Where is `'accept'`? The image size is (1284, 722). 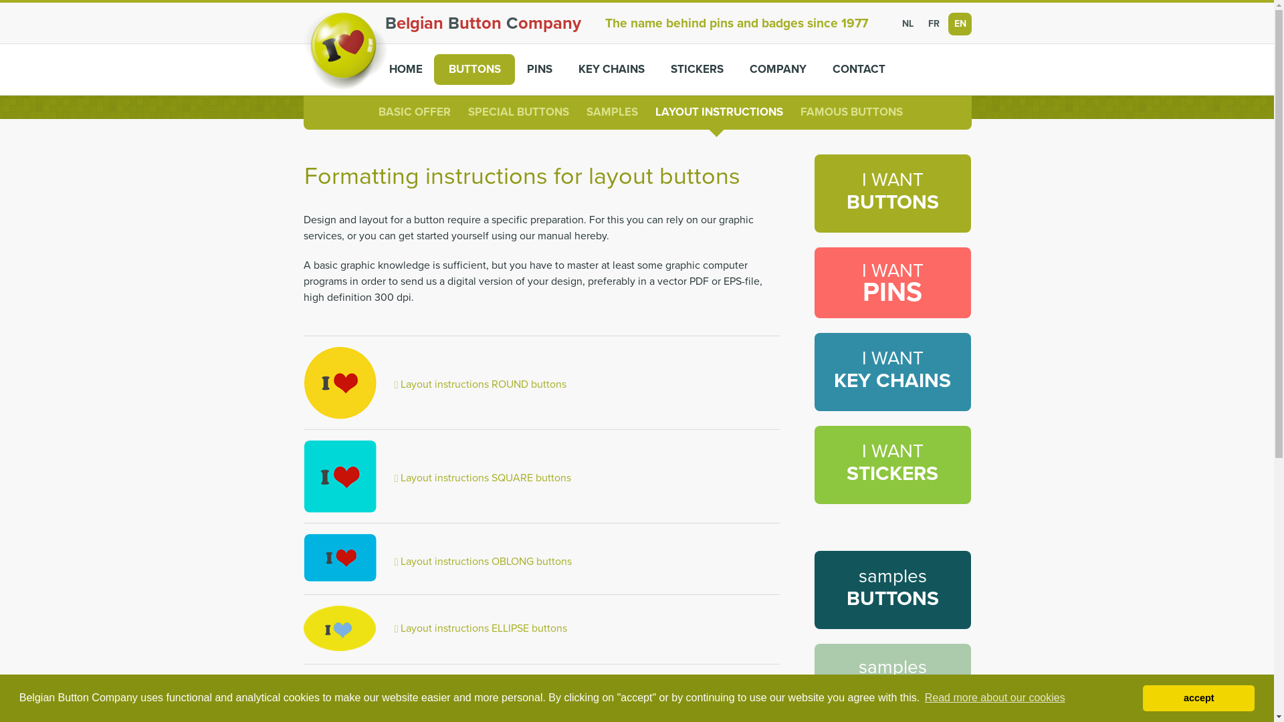 'accept' is located at coordinates (1142, 697).